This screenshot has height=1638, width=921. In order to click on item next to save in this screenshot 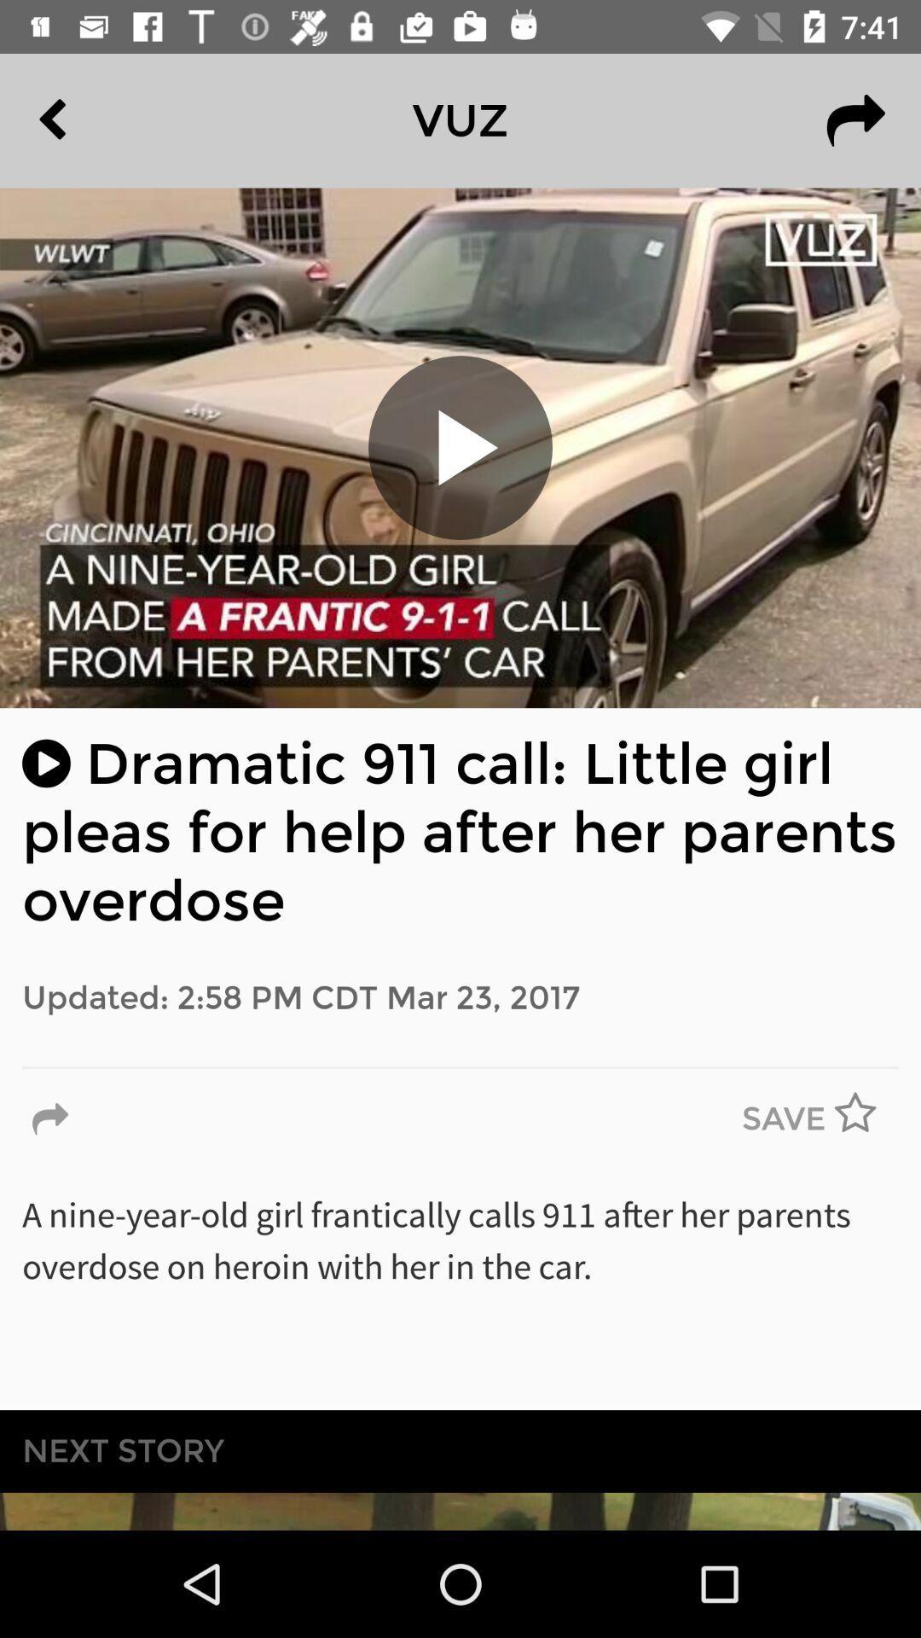, I will do `click(49, 1119)`.